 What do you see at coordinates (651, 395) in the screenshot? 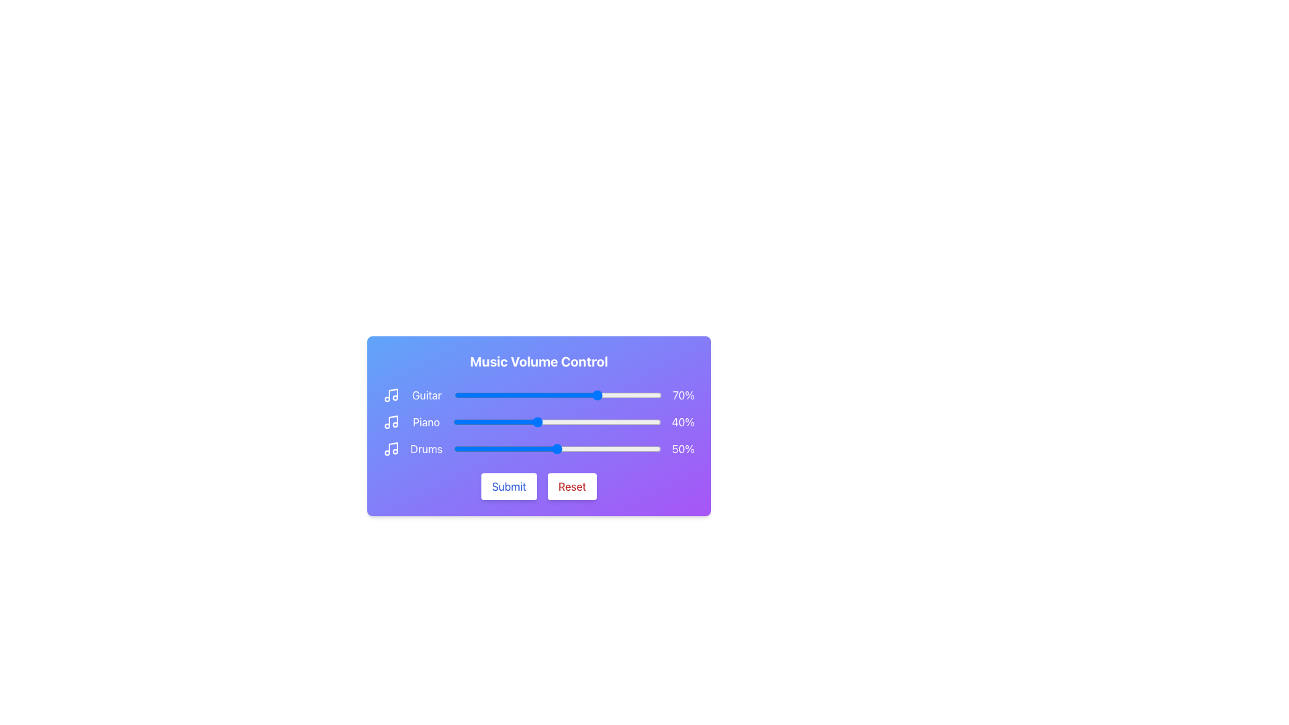
I see `guitar volume` at bounding box center [651, 395].